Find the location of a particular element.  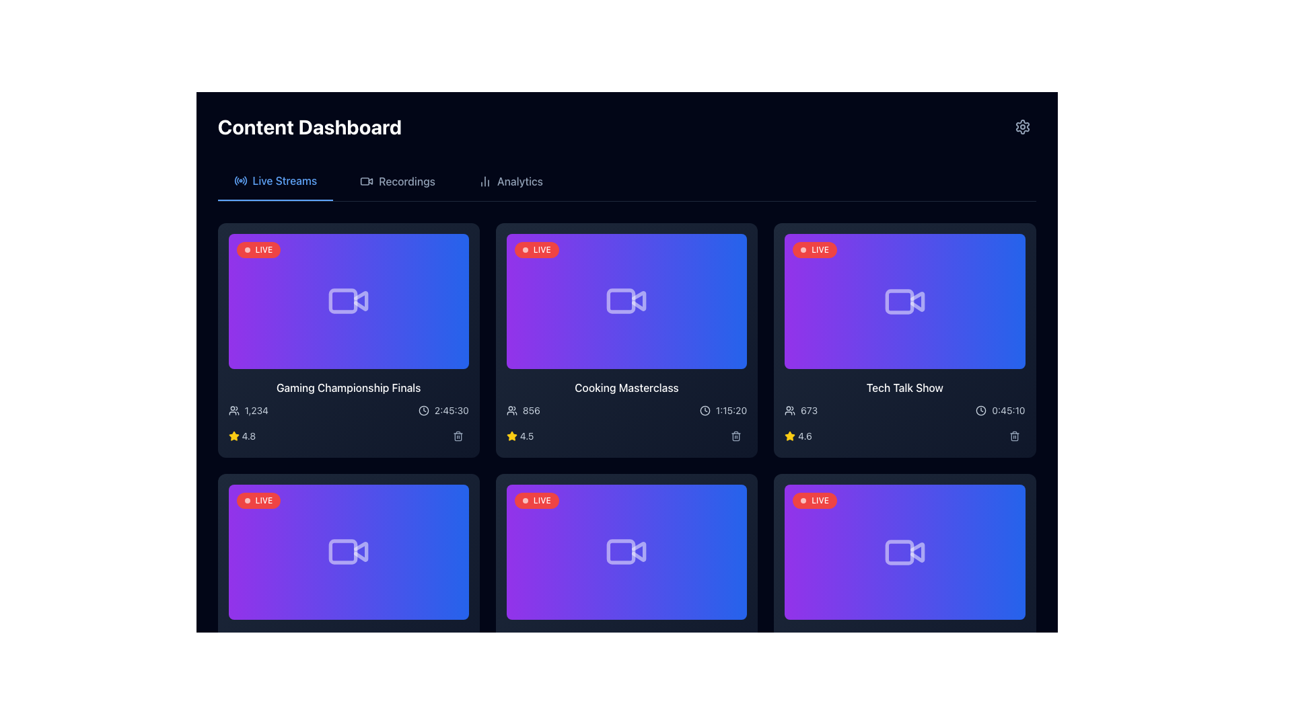

the rating score text label located in the lower metadata section of the second card in the second row of the grid layout is located at coordinates (242, 687).